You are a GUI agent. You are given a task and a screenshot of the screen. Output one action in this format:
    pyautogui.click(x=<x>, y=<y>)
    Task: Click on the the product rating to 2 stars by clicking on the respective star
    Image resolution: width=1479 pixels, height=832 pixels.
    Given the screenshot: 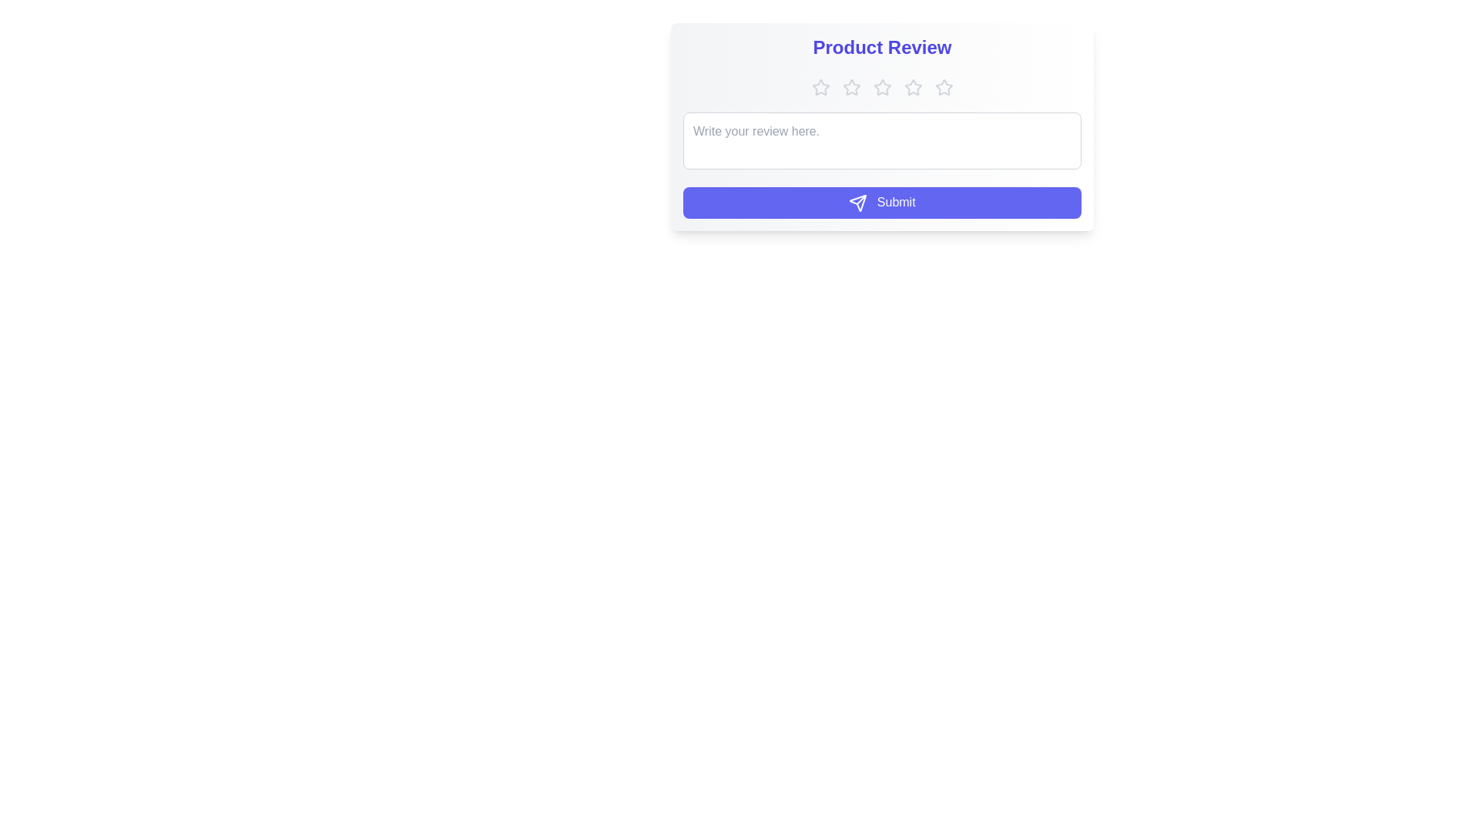 What is the action you would take?
    pyautogui.click(x=850, y=88)
    